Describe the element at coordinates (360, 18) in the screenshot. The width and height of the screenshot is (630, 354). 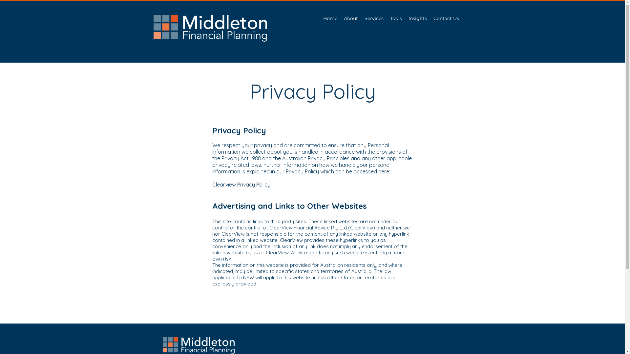
I see `'Services'` at that location.